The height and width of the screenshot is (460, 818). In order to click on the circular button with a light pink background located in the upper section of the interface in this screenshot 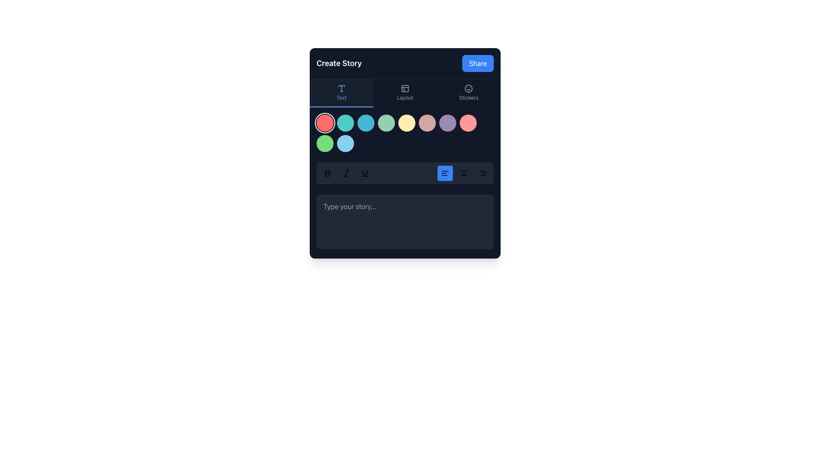, I will do `click(468, 123)`.